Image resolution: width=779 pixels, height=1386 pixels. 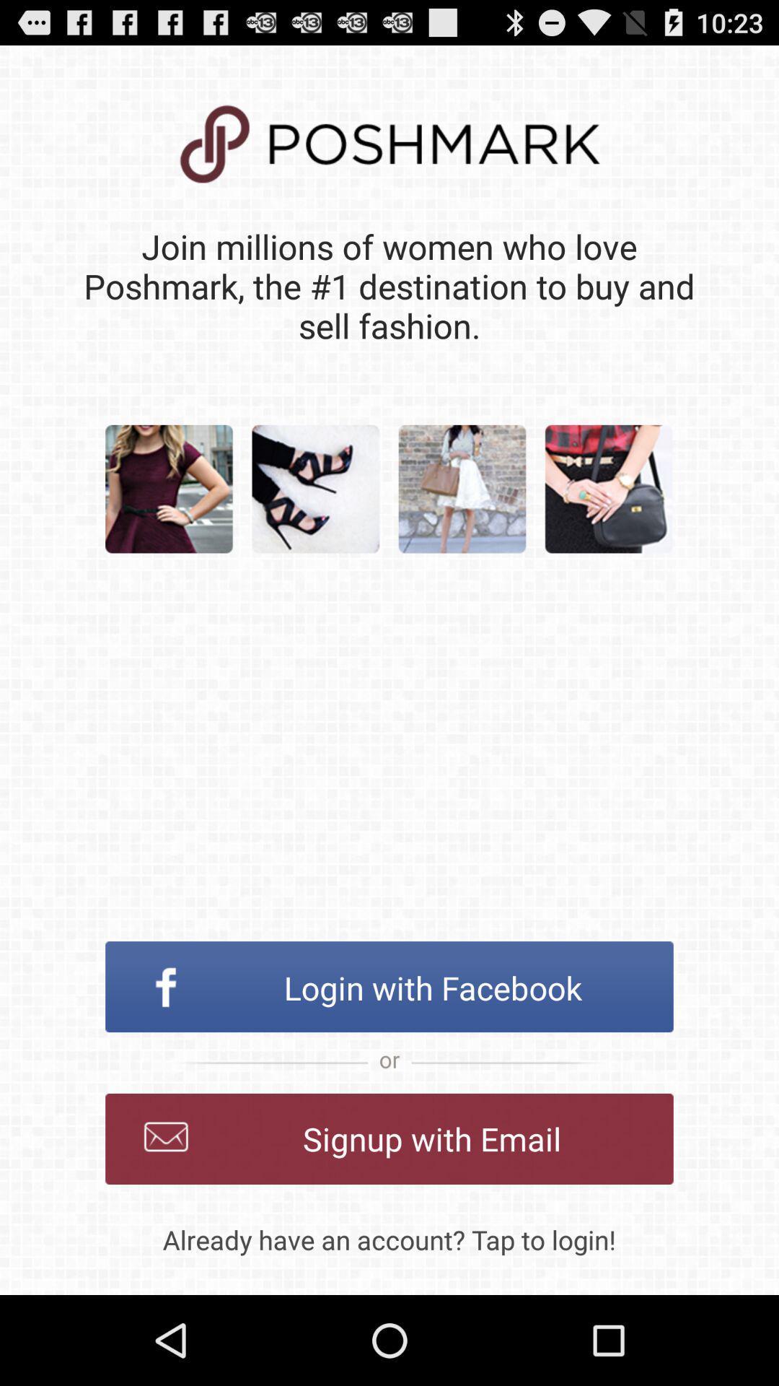 I want to click on the already have an icon, so click(x=389, y=1239).